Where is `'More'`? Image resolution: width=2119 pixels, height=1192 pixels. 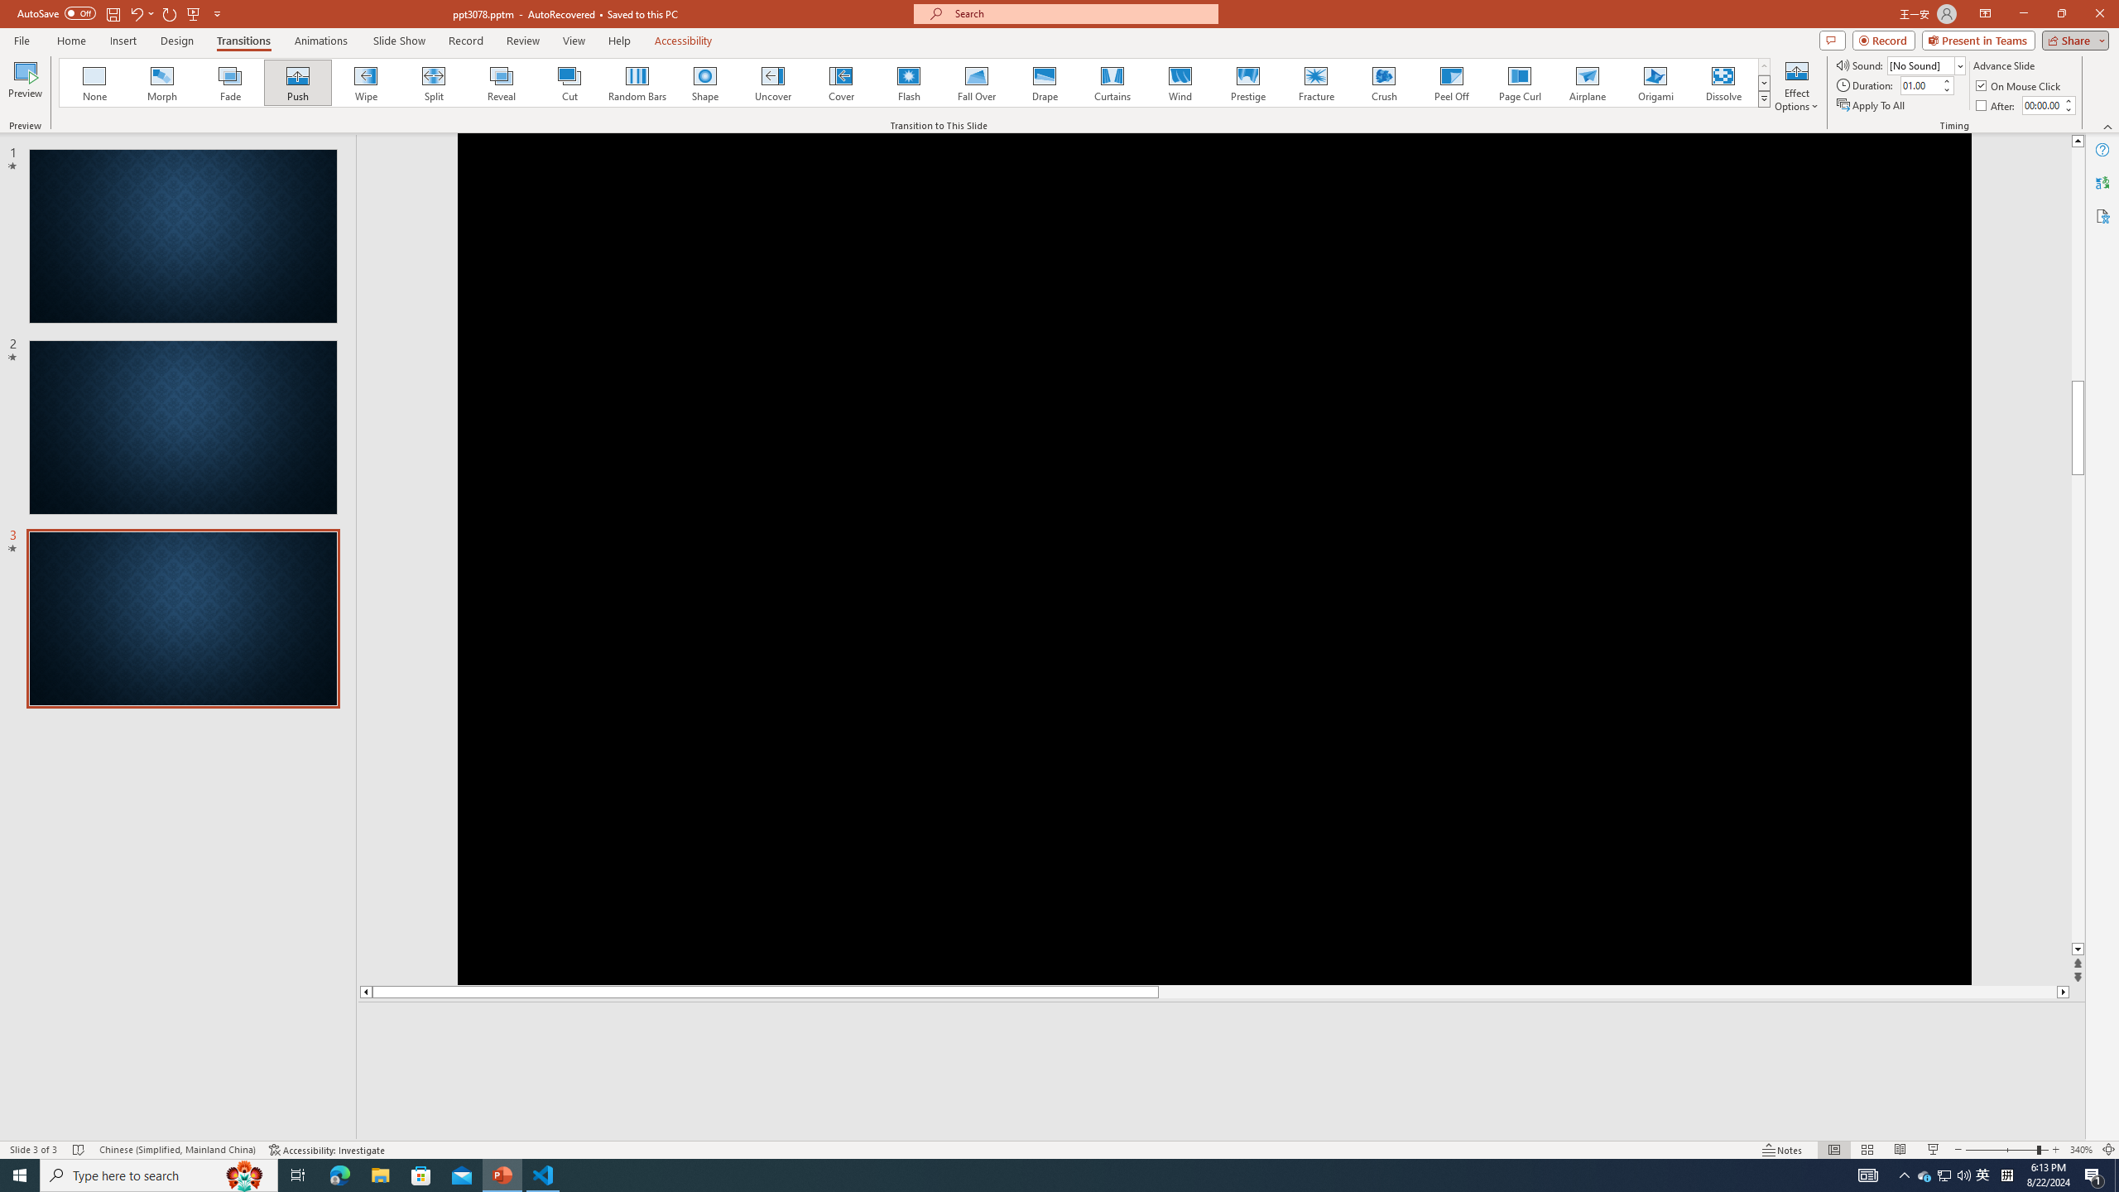
'More' is located at coordinates (2068, 99).